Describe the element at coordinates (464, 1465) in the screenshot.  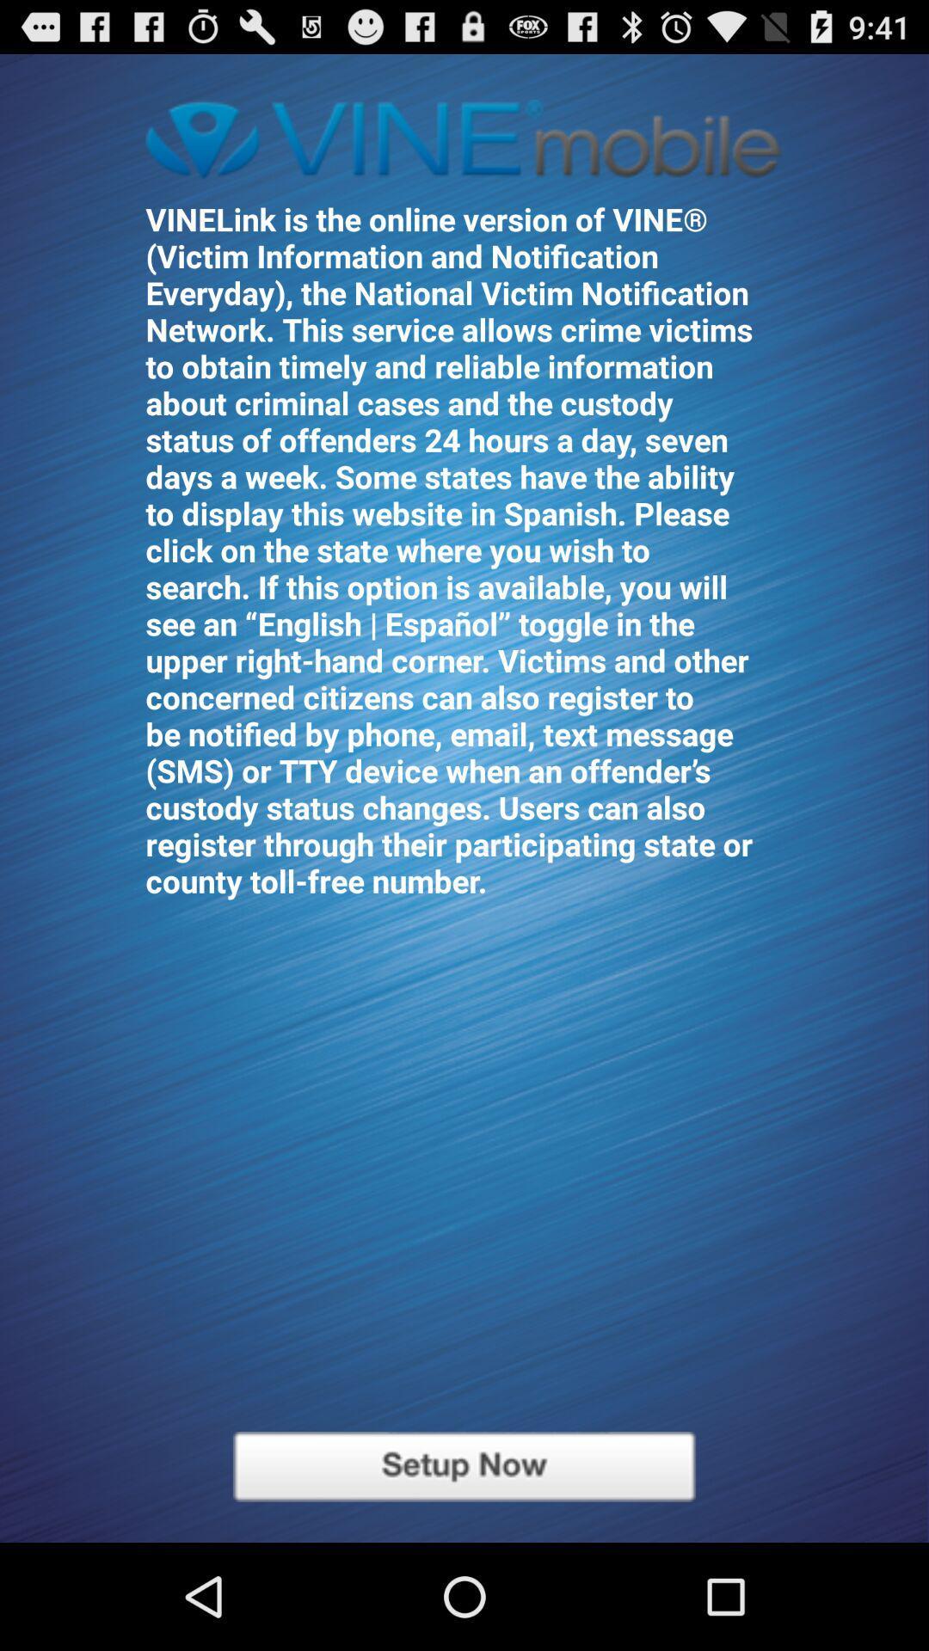
I see `icon at the bottom` at that location.